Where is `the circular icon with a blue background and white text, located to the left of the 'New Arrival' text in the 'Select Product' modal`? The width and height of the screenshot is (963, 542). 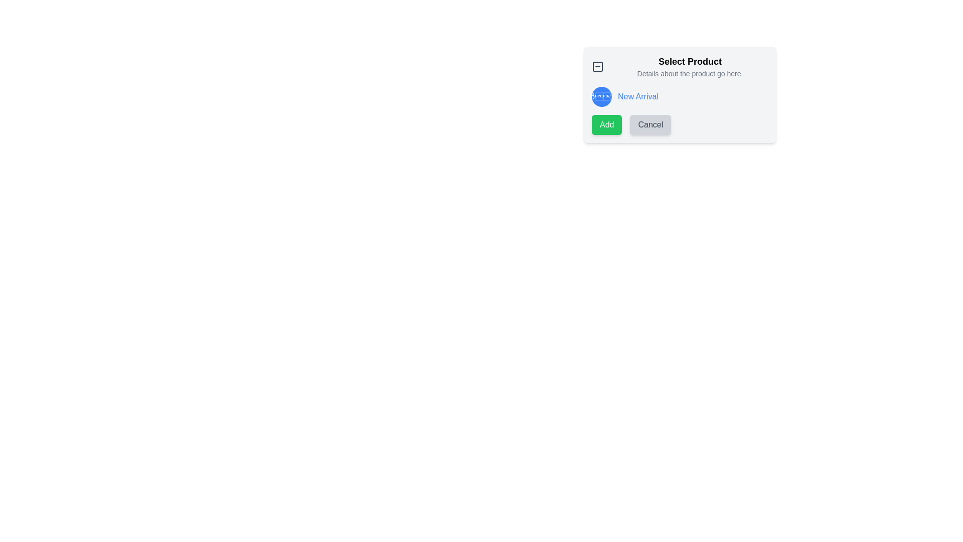
the circular icon with a blue background and white text, located to the left of the 'New Arrival' text in the 'Select Product' modal is located at coordinates (602, 96).